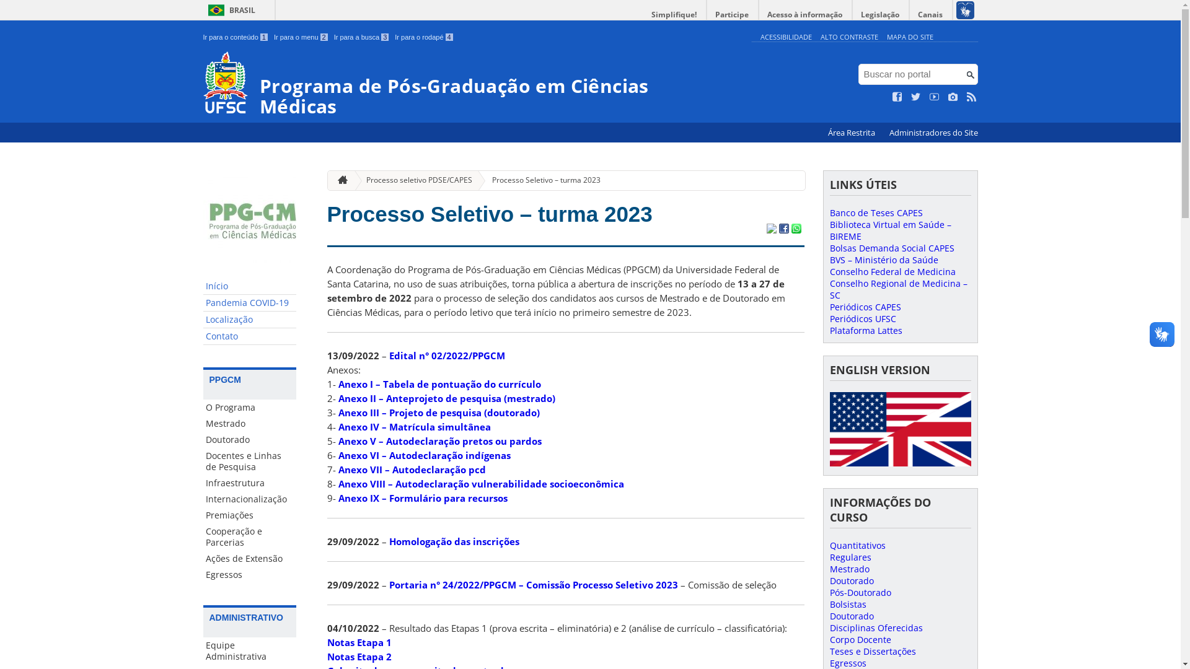  Describe the element at coordinates (875, 212) in the screenshot. I see `'Banco de Teses CAPES'` at that location.